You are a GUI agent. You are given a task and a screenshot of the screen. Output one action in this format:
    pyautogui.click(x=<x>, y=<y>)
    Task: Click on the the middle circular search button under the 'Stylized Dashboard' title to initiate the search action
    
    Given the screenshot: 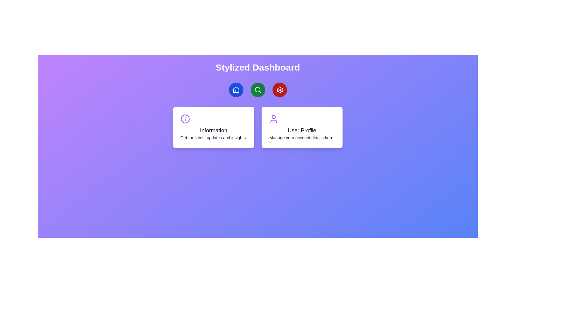 What is the action you would take?
    pyautogui.click(x=258, y=90)
    